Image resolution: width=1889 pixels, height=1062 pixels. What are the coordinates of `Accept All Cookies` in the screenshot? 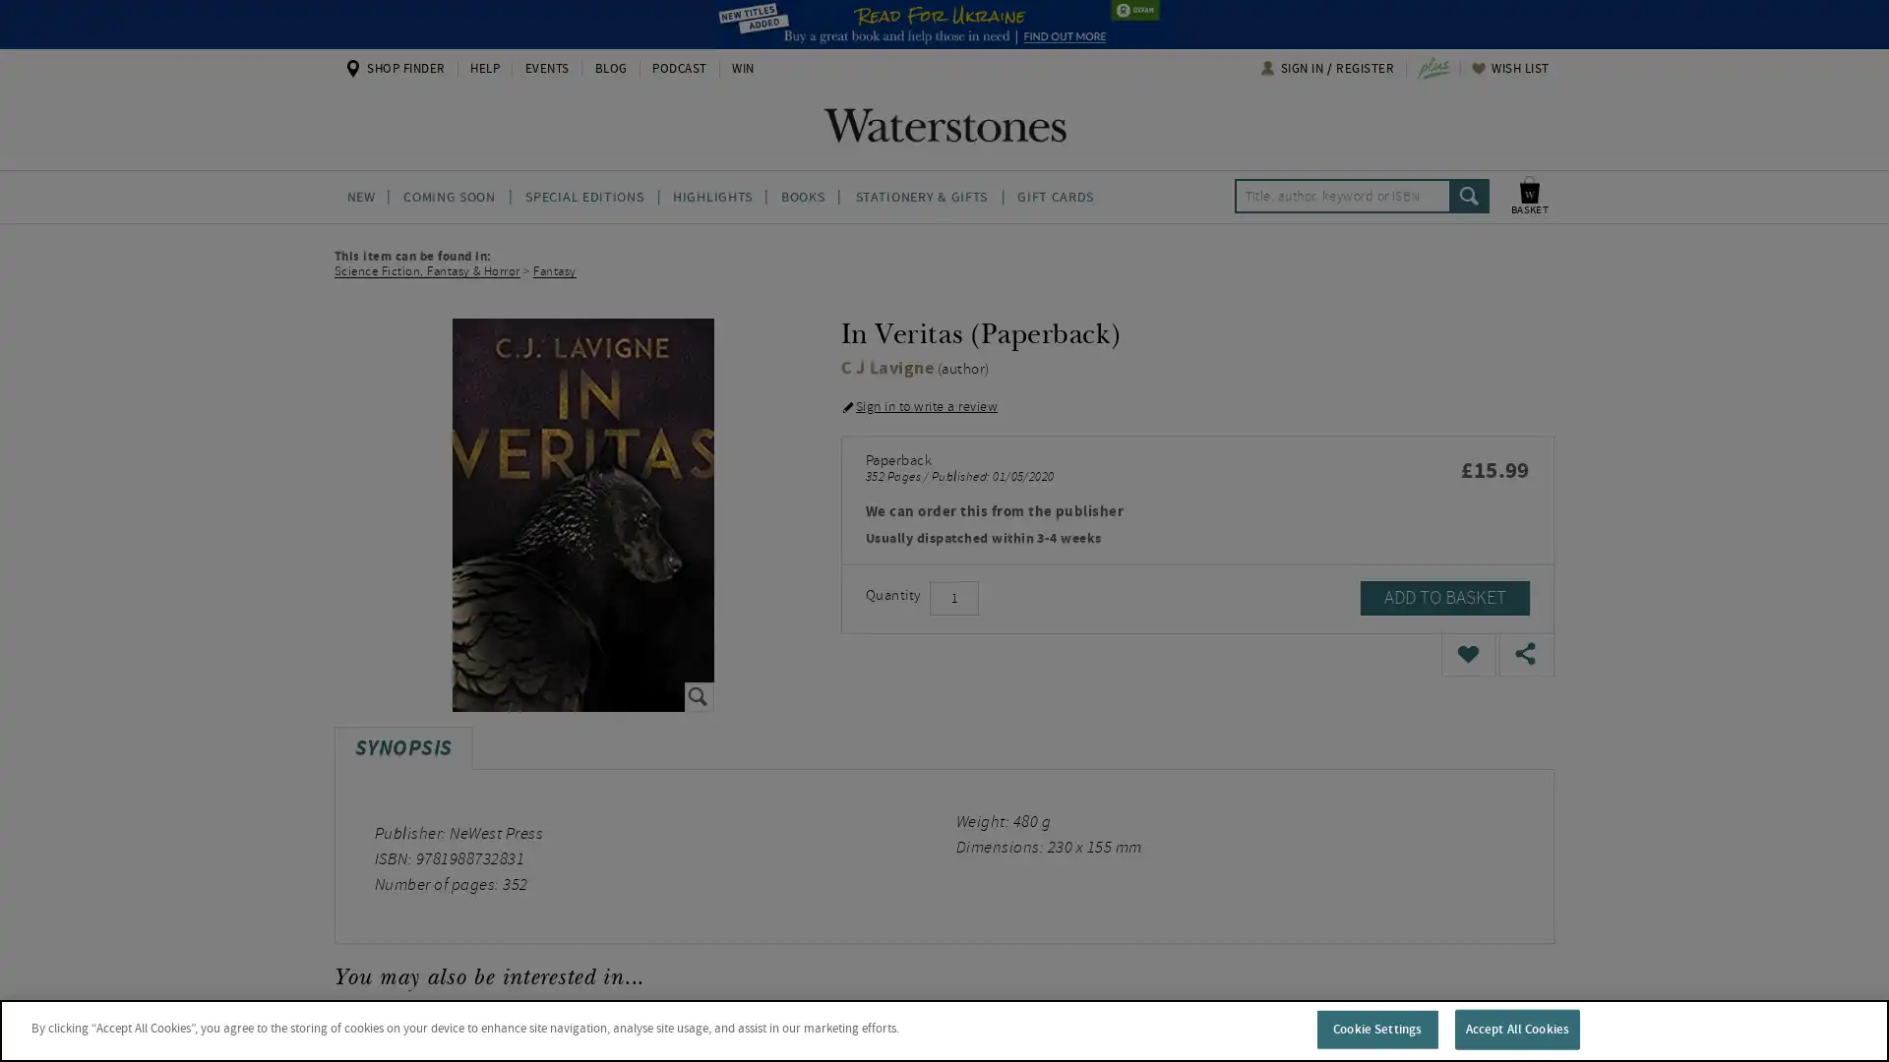 It's located at (1515, 1028).